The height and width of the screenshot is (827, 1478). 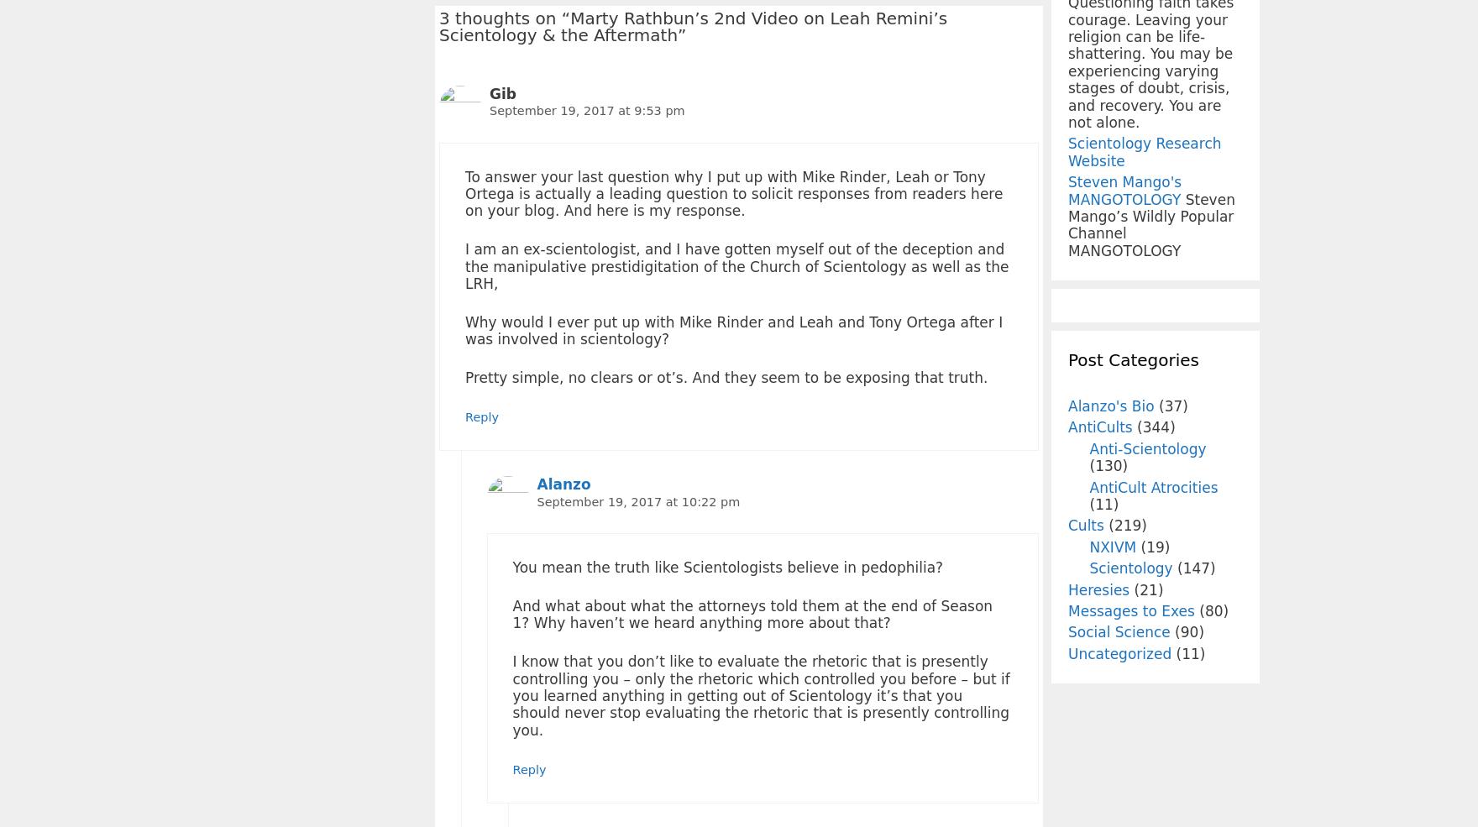 What do you see at coordinates (1153, 486) in the screenshot?
I see `'AntiCult Atrocities'` at bounding box center [1153, 486].